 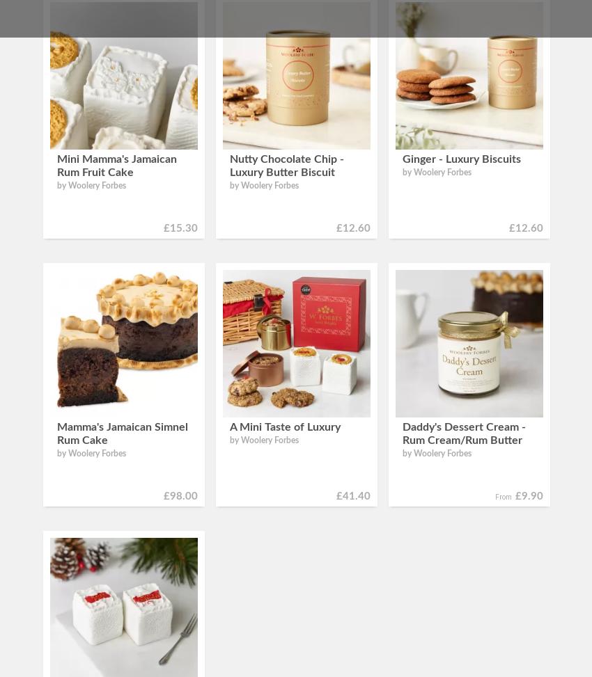 I want to click on 'Ginger - Luxury Biscuits', so click(x=462, y=157).